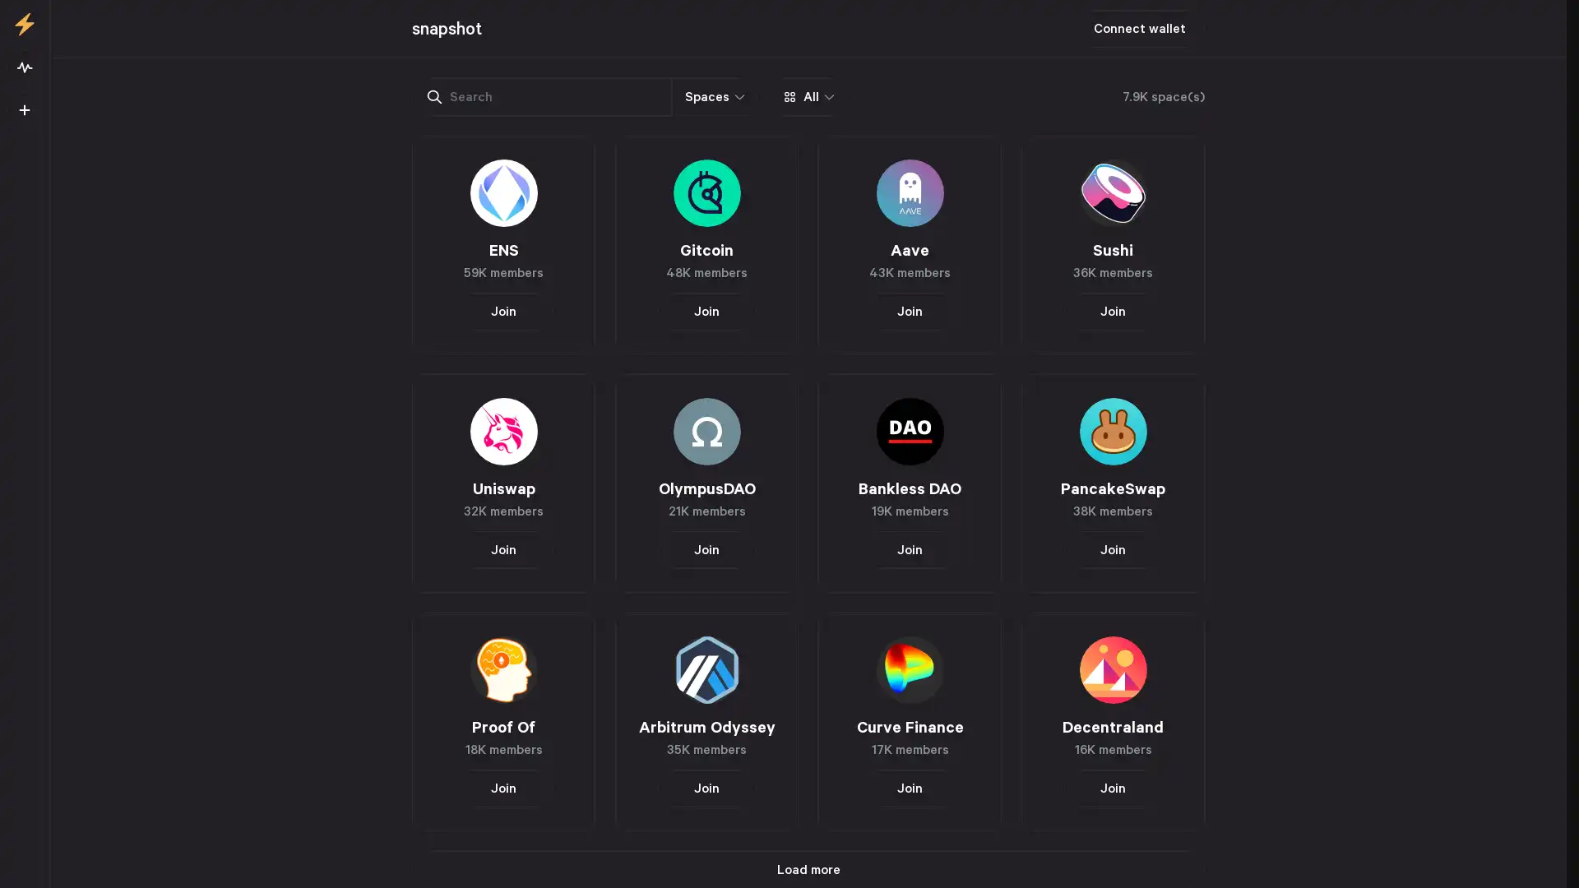 This screenshot has height=888, width=1579. Describe the element at coordinates (1113, 788) in the screenshot. I see `Join` at that location.